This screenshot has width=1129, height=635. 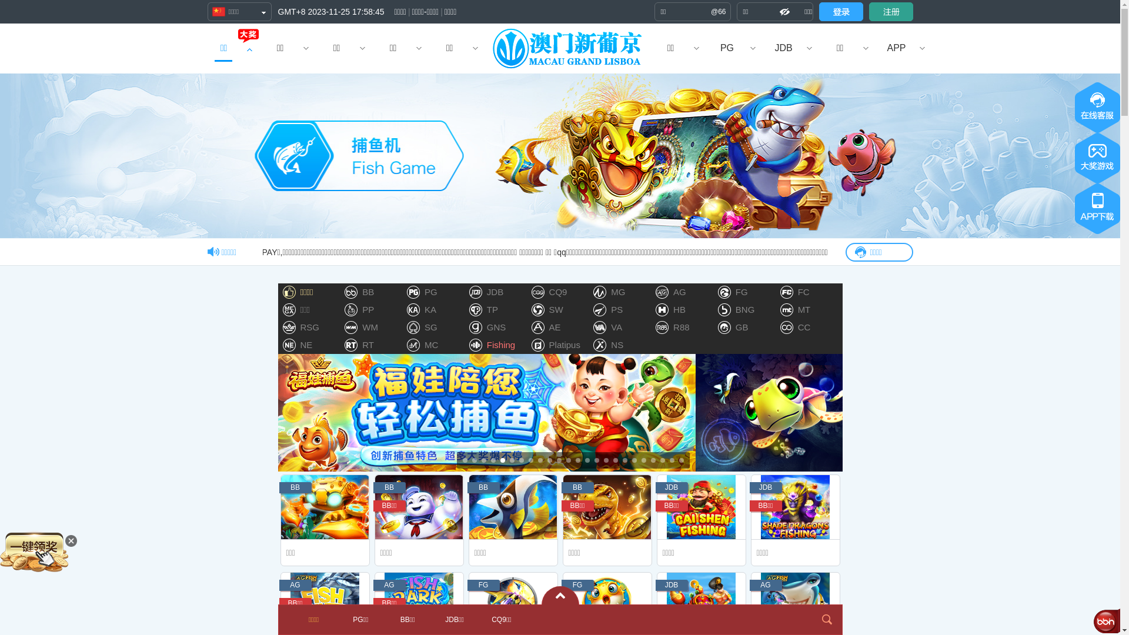 What do you see at coordinates (783, 48) in the screenshot?
I see `'JDB'` at bounding box center [783, 48].